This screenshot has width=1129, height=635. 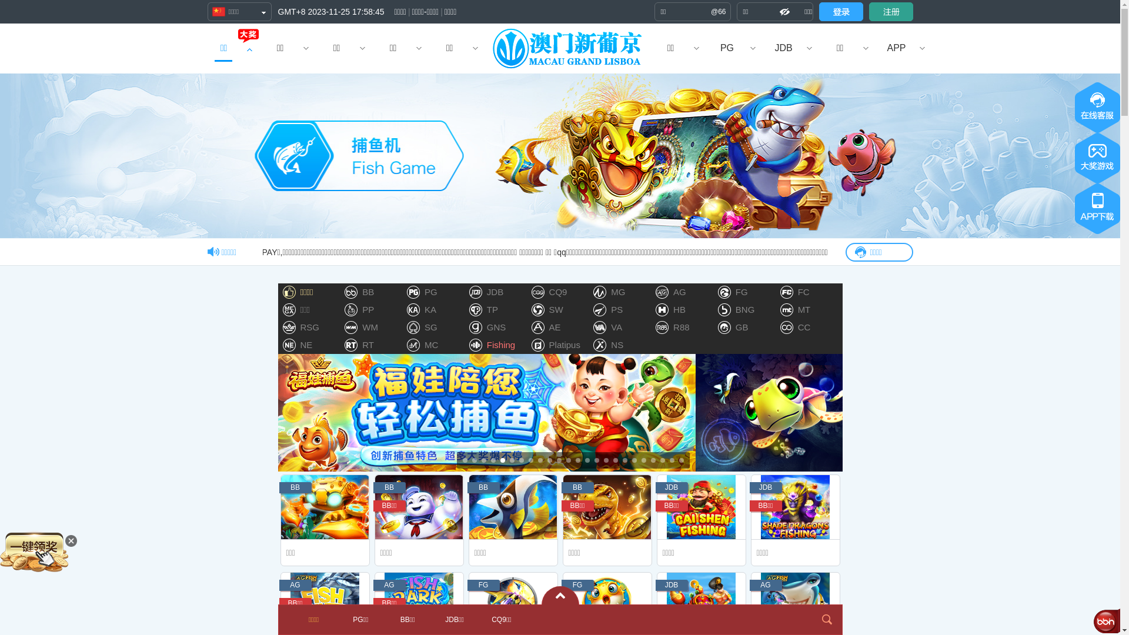 What do you see at coordinates (783, 48) in the screenshot?
I see `'JDB'` at bounding box center [783, 48].